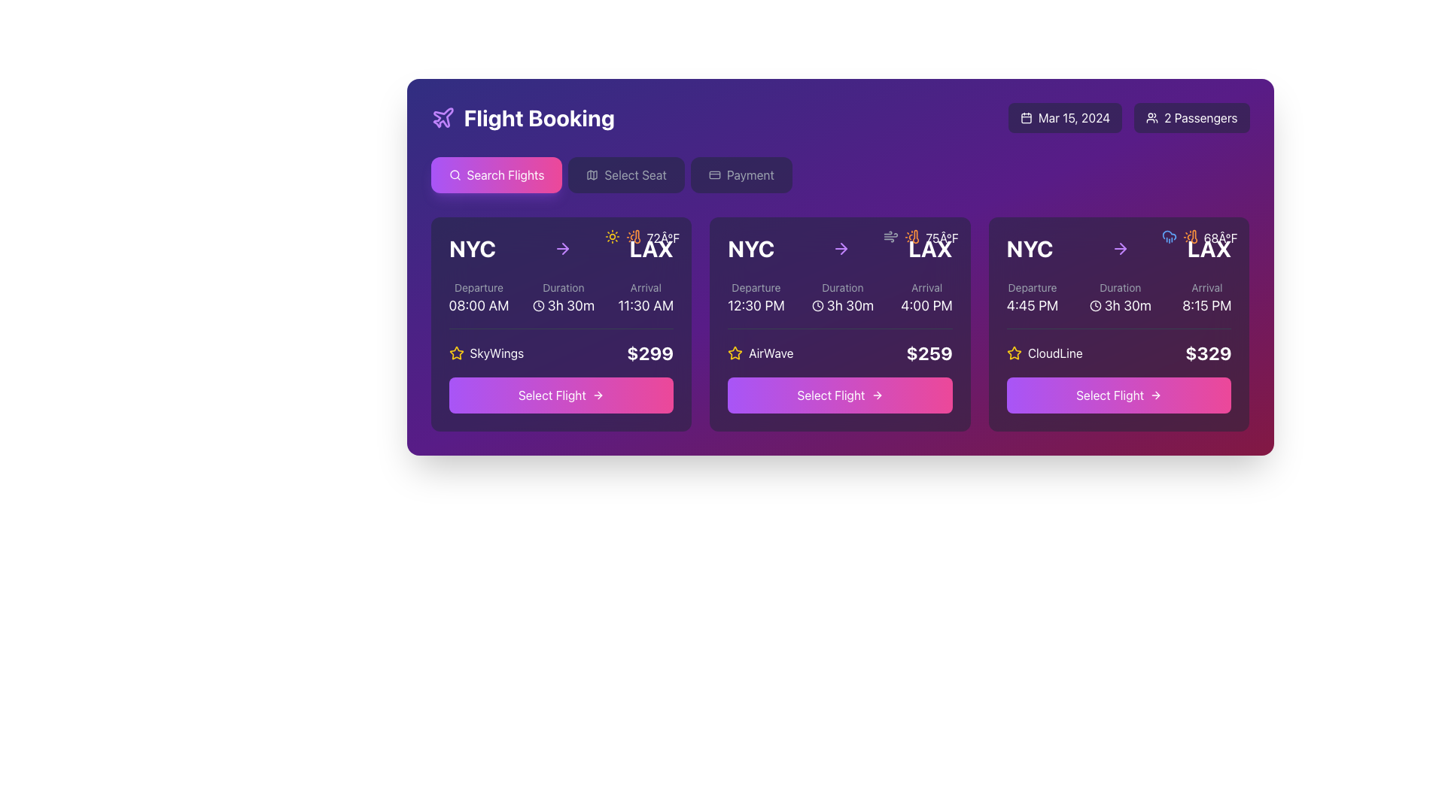 This screenshot has width=1445, height=812. Describe the element at coordinates (1168, 237) in the screenshot. I see `the blue cloud icon with rain drops located in the top-right corner of the flight card from NYC to LAX, positioned to the left of an orange thermometer icon` at that location.